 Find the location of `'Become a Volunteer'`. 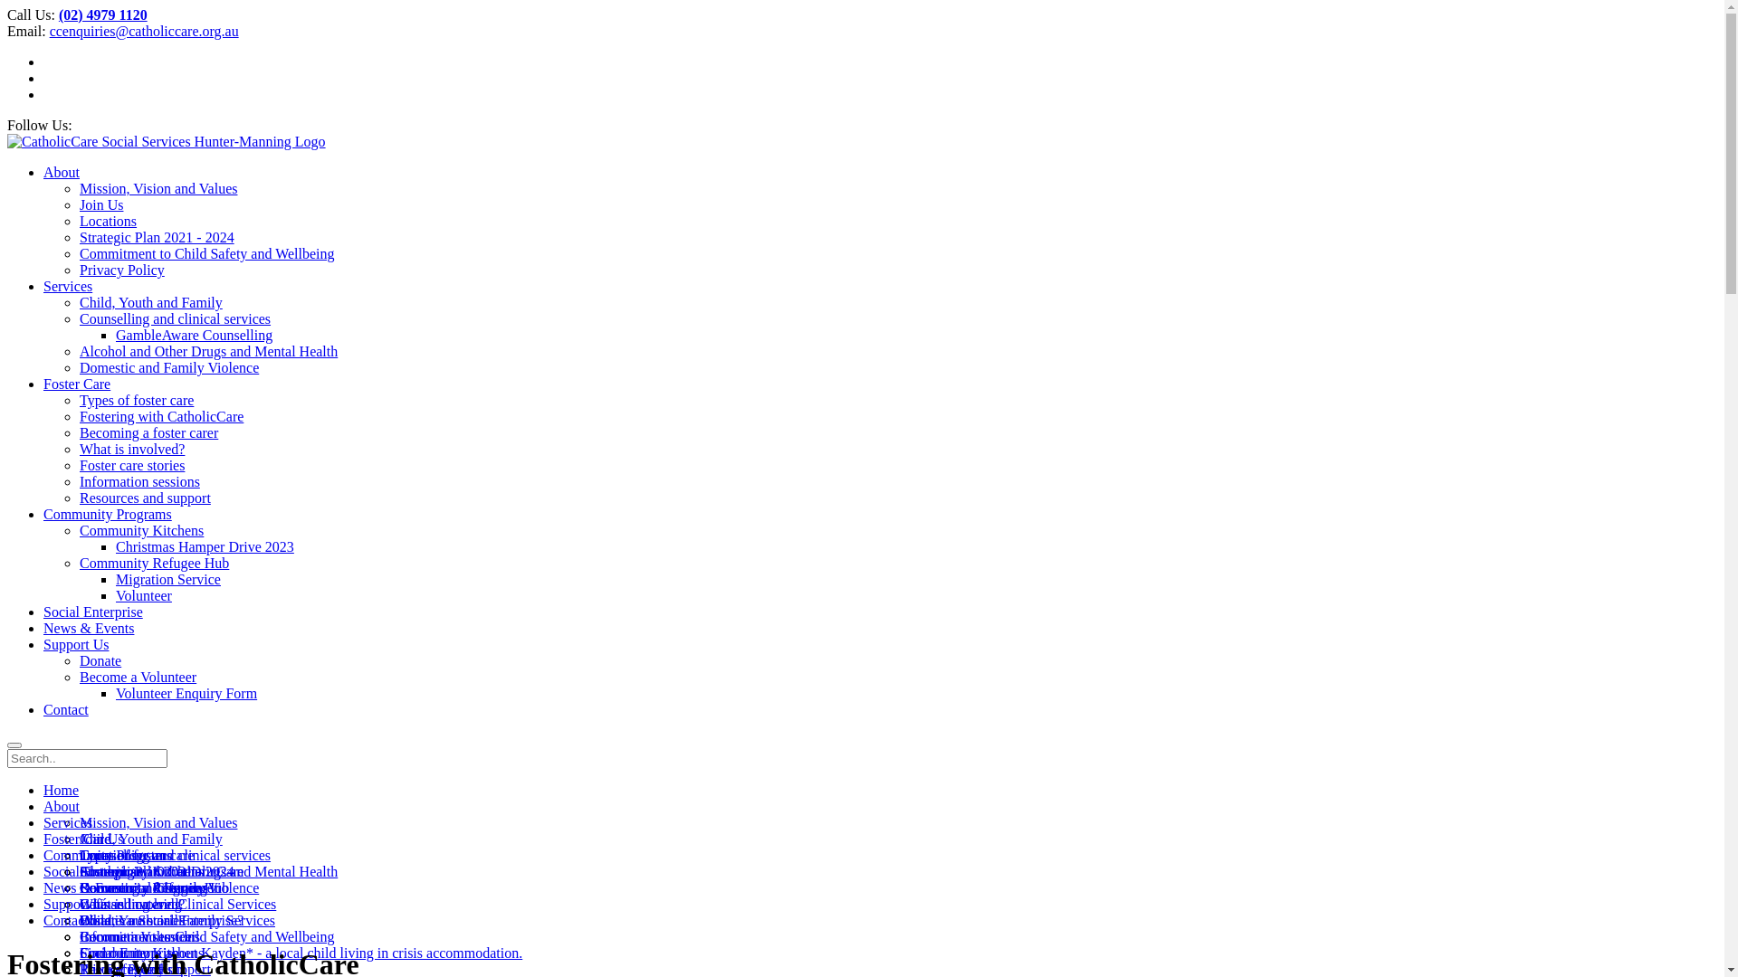

'Become a Volunteer' is located at coordinates (78, 936).